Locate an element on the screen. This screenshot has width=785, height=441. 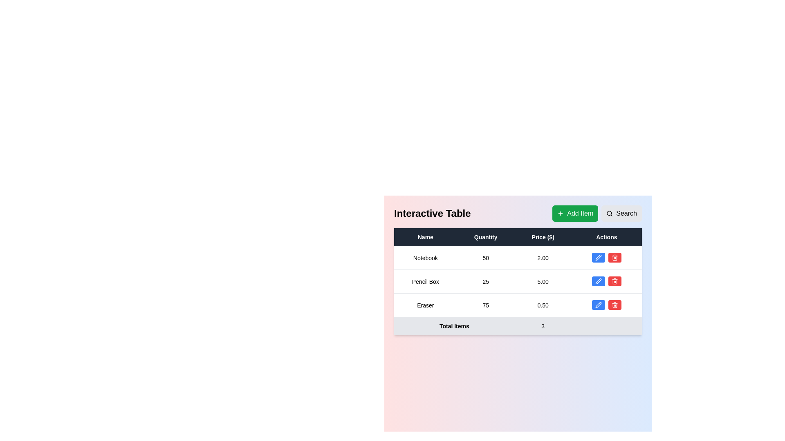
the Text Label indicating 'Pencil Box' is located at coordinates (425, 281).